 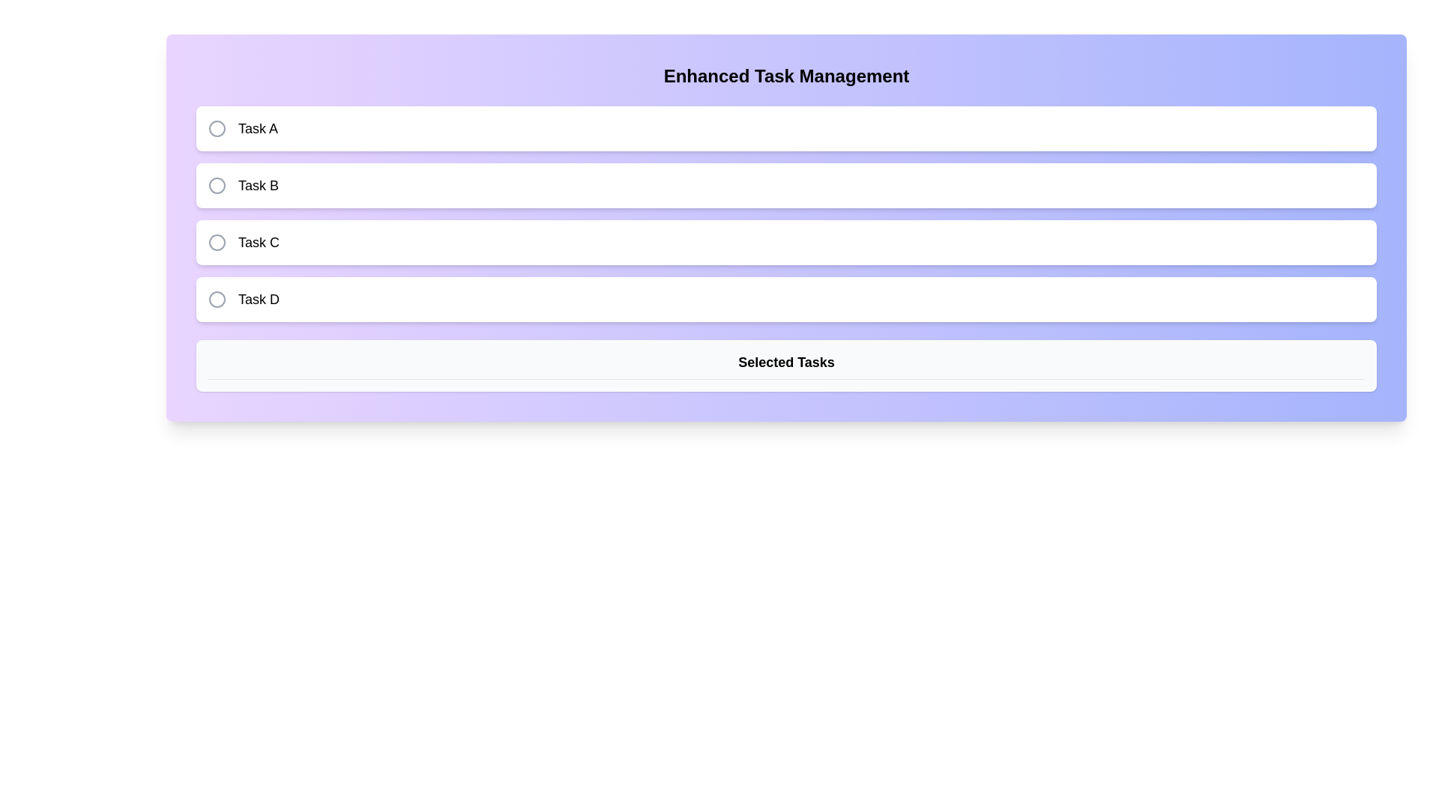 What do you see at coordinates (216, 242) in the screenshot?
I see `the central circular component of the unselected radio button for 'Task C' to invoke the context menu` at bounding box center [216, 242].